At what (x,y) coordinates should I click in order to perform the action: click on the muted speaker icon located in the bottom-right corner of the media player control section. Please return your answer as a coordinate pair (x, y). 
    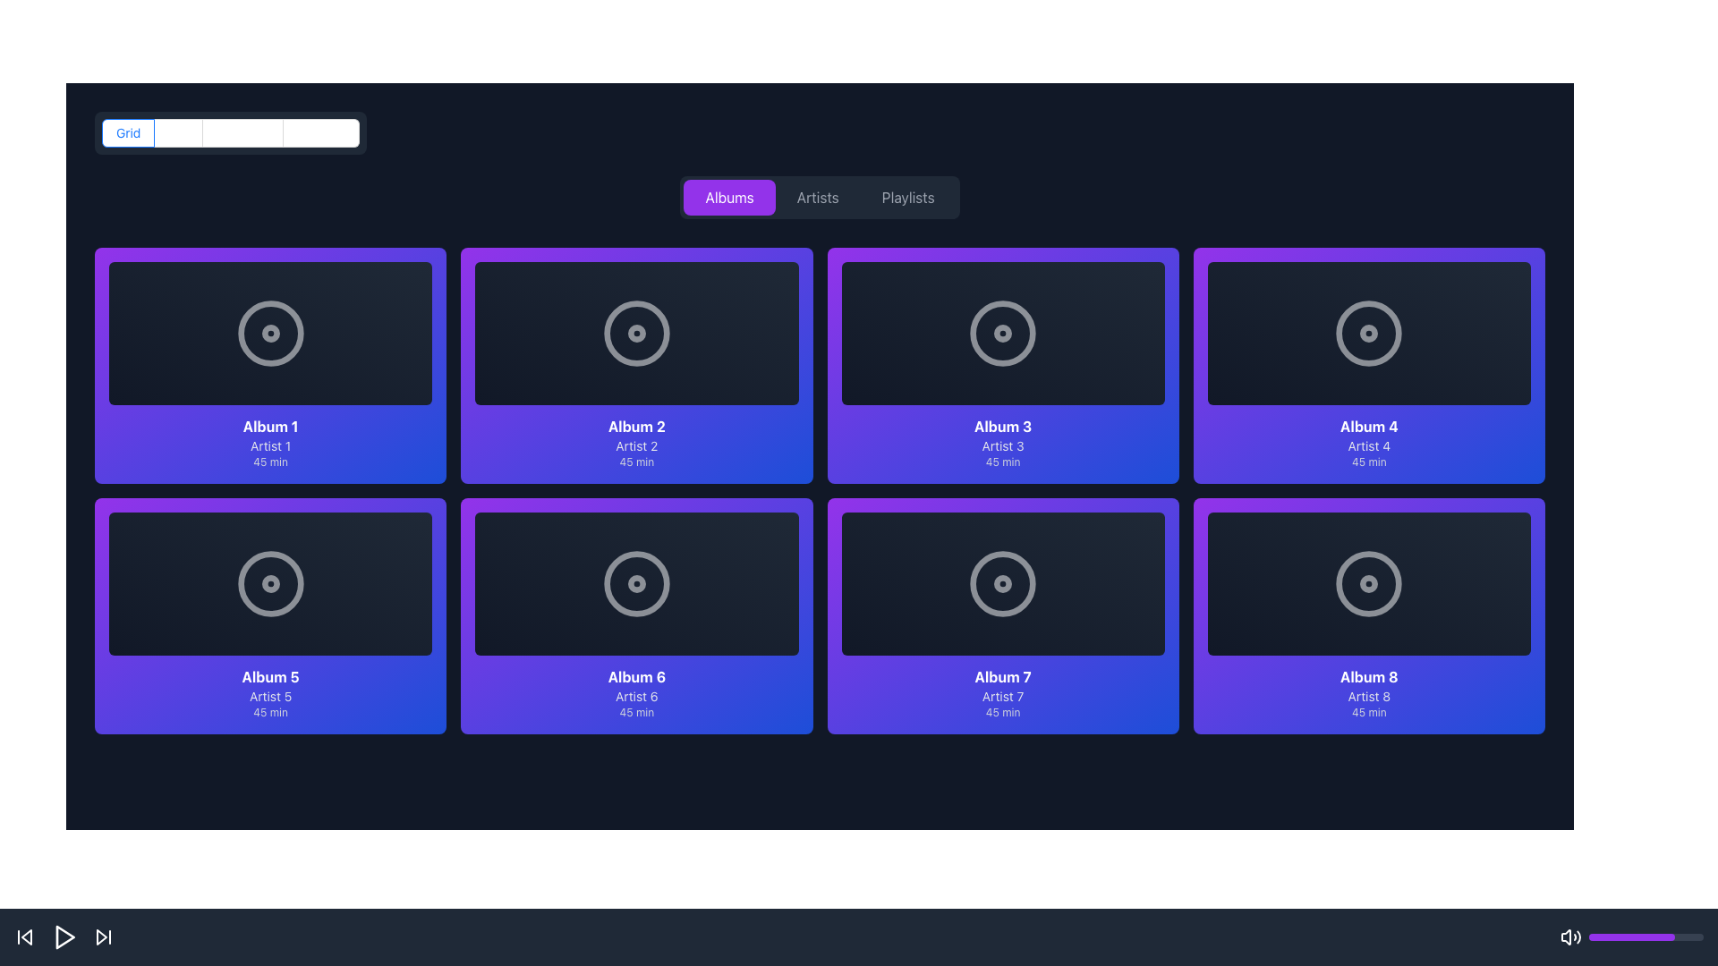
    Looking at the image, I should click on (1565, 936).